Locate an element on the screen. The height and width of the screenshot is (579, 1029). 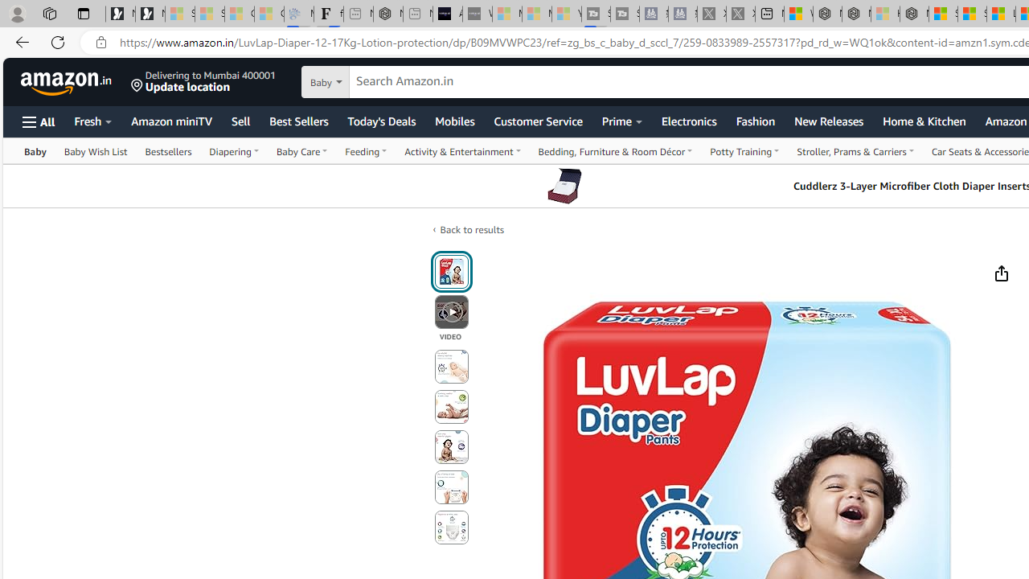
'Newsletter Sign Up' is located at coordinates (150, 14).